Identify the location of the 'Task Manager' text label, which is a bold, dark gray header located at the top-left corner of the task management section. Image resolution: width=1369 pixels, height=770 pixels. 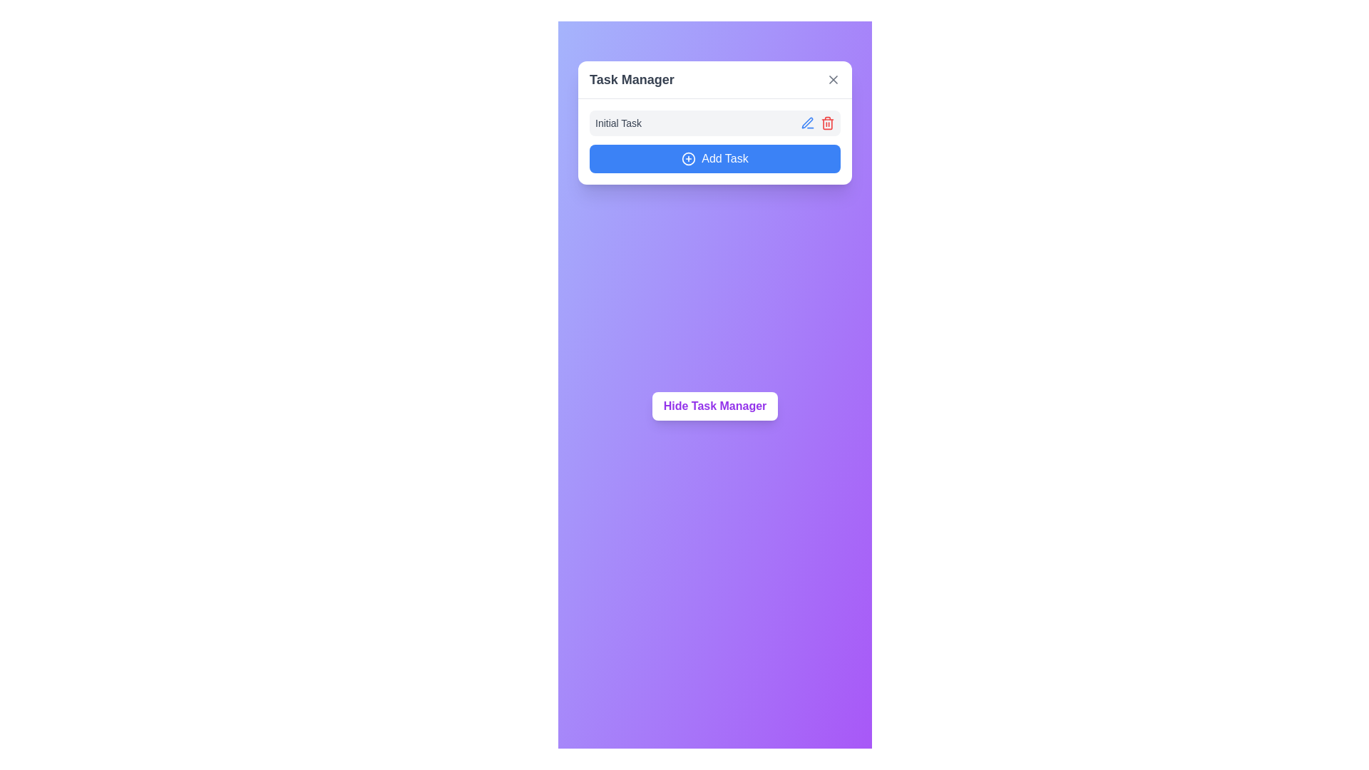
(631, 79).